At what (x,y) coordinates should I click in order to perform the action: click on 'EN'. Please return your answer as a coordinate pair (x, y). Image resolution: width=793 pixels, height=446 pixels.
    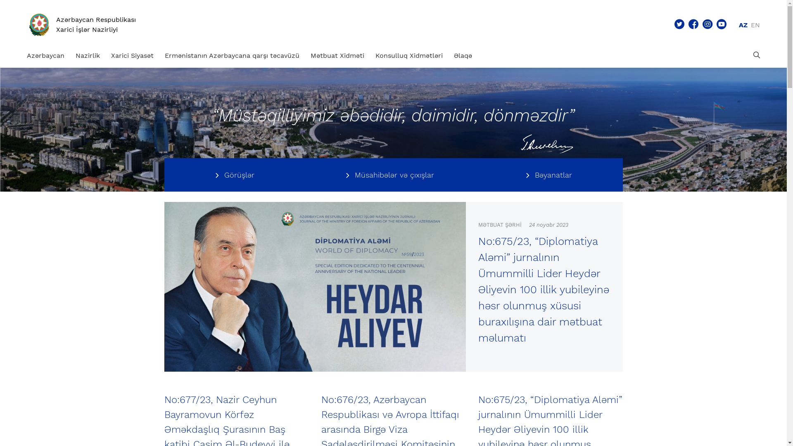
    Looking at the image, I should click on (751, 24).